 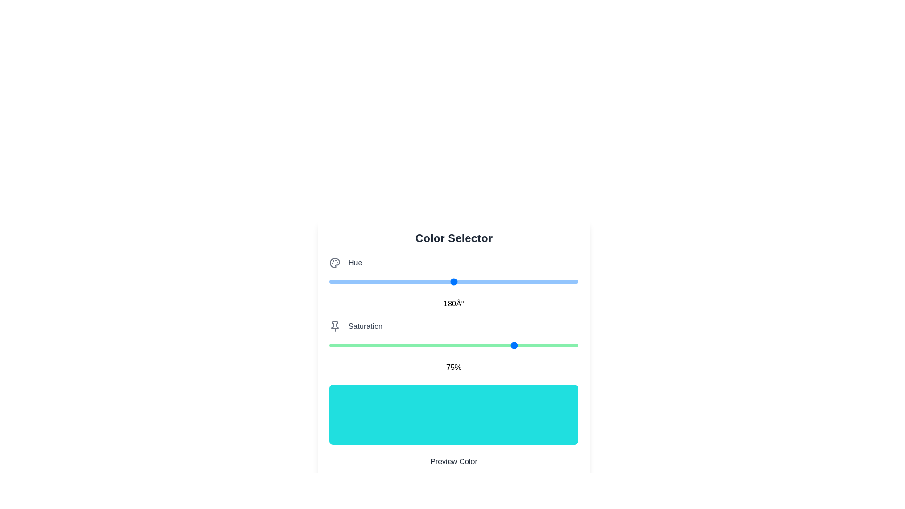 What do you see at coordinates (454, 414) in the screenshot?
I see `the display box that serves as a preview area for the currently selected color, located at the bottom of the color selector interface` at bounding box center [454, 414].